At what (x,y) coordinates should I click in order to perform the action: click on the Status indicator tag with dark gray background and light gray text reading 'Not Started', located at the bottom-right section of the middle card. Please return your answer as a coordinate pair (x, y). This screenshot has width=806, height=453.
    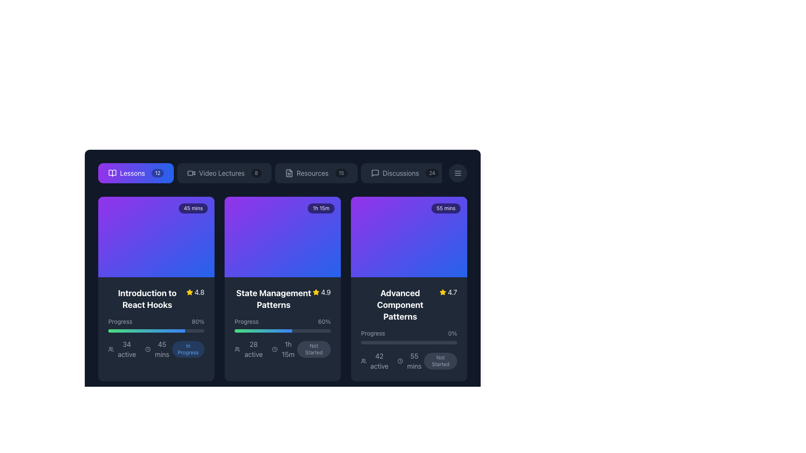
    Looking at the image, I should click on (313, 349).